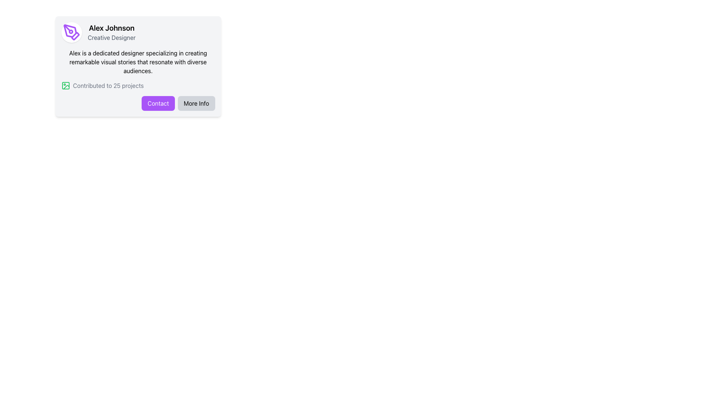  I want to click on the text label component that describes the role or designation of 'Alex Johnson', located below the main title, so click(111, 37).